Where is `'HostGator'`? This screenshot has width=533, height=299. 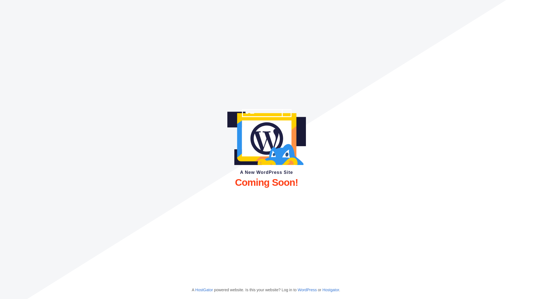 'HostGator' is located at coordinates (203, 289).